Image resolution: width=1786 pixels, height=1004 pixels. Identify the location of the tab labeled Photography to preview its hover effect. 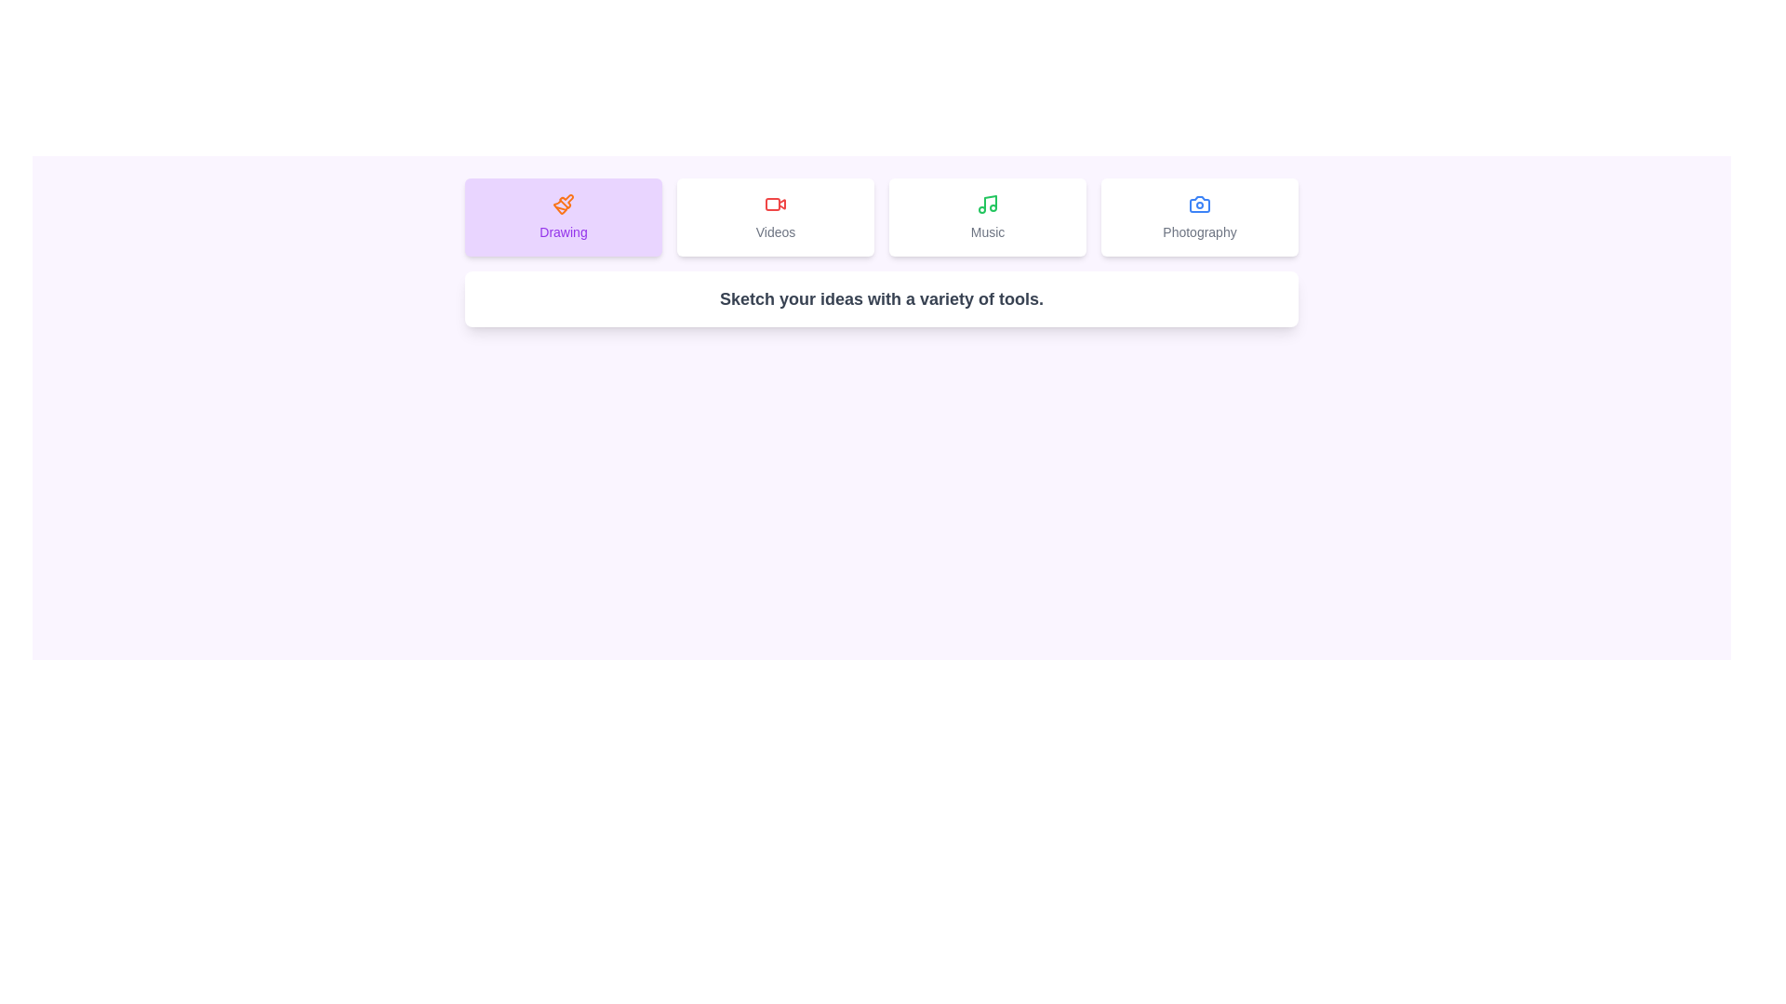
(1200, 217).